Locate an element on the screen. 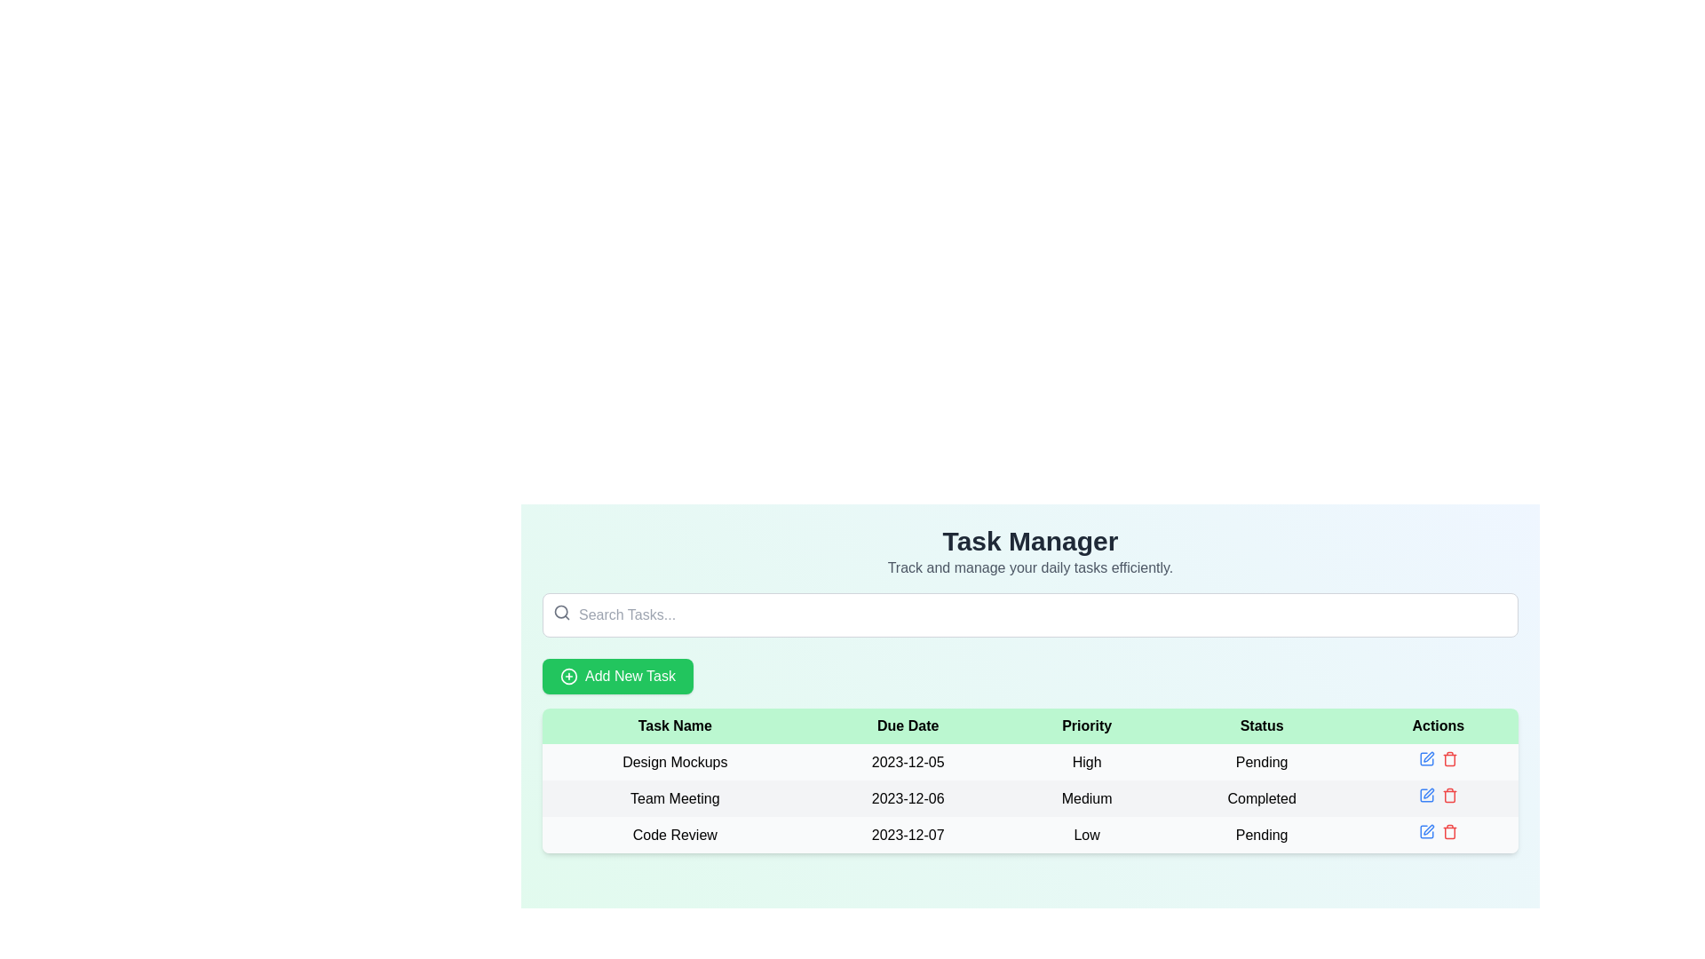 This screenshot has height=959, width=1705. the blue edit icon in the 'Actions' column of the first row of the table is located at coordinates (1438, 761).